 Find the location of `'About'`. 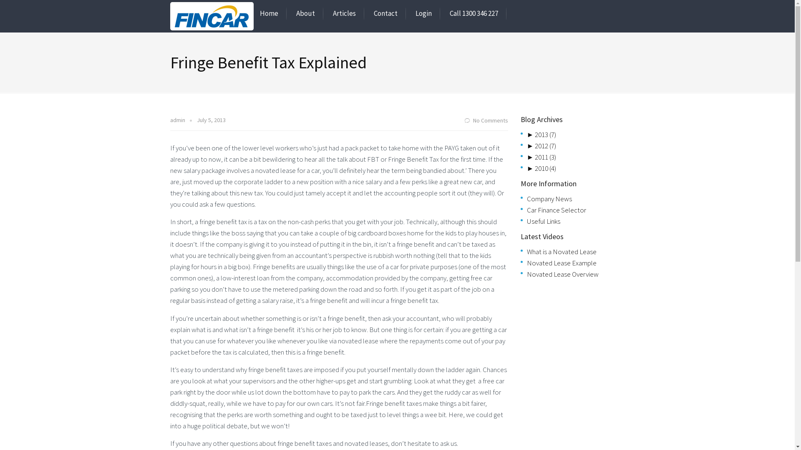

'About' is located at coordinates (305, 13).